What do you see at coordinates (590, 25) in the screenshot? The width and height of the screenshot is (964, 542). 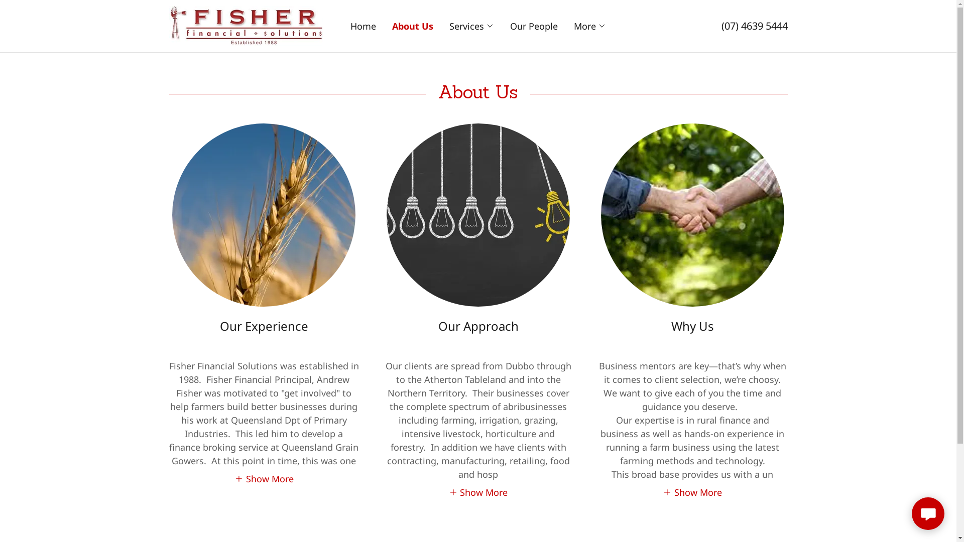 I see `'More'` at bounding box center [590, 25].